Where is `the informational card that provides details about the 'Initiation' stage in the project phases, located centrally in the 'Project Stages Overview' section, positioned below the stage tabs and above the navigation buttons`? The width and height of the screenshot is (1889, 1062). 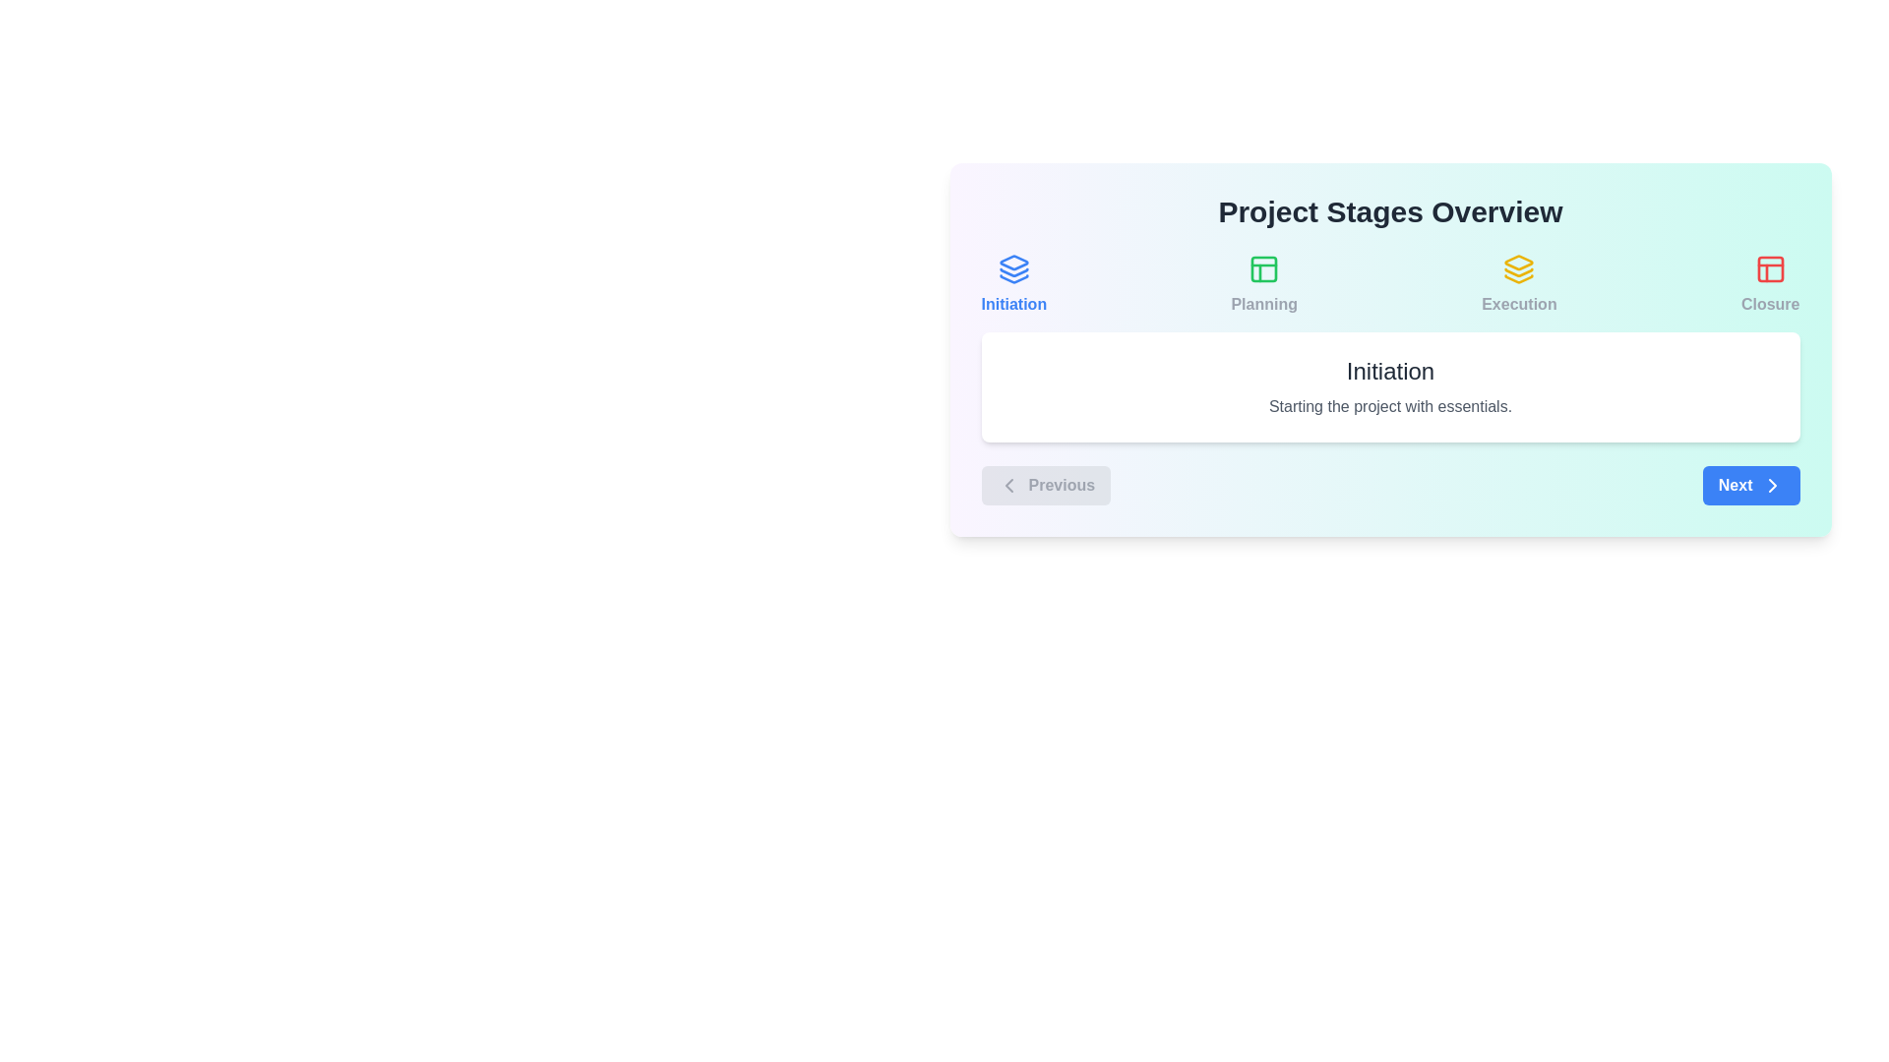 the informational card that provides details about the 'Initiation' stage in the project phases, located centrally in the 'Project Stages Overview' section, positioned below the stage tabs and above the navigation buttons is located at coordinates (1389, 386).